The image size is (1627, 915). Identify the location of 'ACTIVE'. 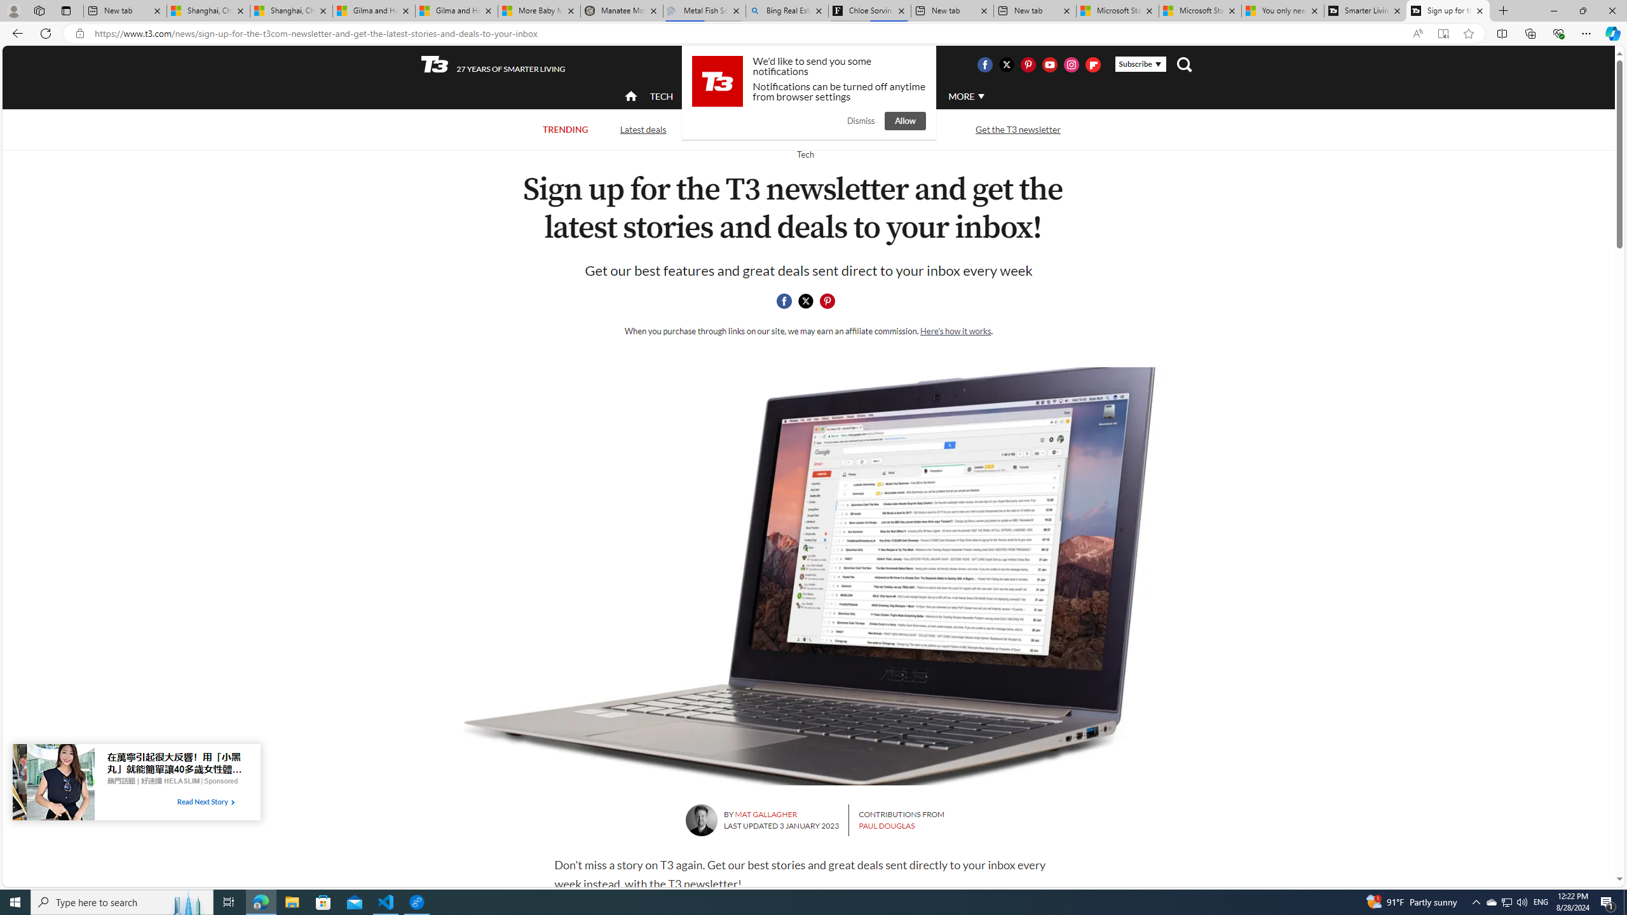
(713, 95).